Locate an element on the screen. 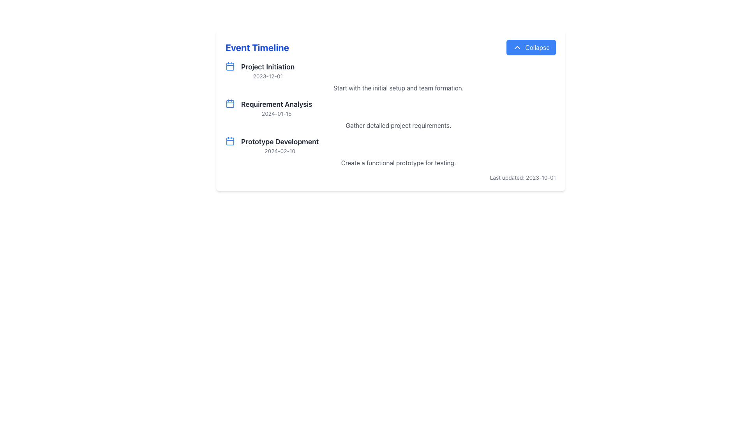  the calendar icon with a blue outline located to the left of the 'Prototype Development' text and date '2024-02-10' is located at coordinates (229, 141).